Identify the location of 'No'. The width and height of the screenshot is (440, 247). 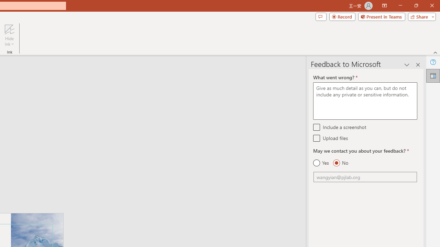
(340, 163).